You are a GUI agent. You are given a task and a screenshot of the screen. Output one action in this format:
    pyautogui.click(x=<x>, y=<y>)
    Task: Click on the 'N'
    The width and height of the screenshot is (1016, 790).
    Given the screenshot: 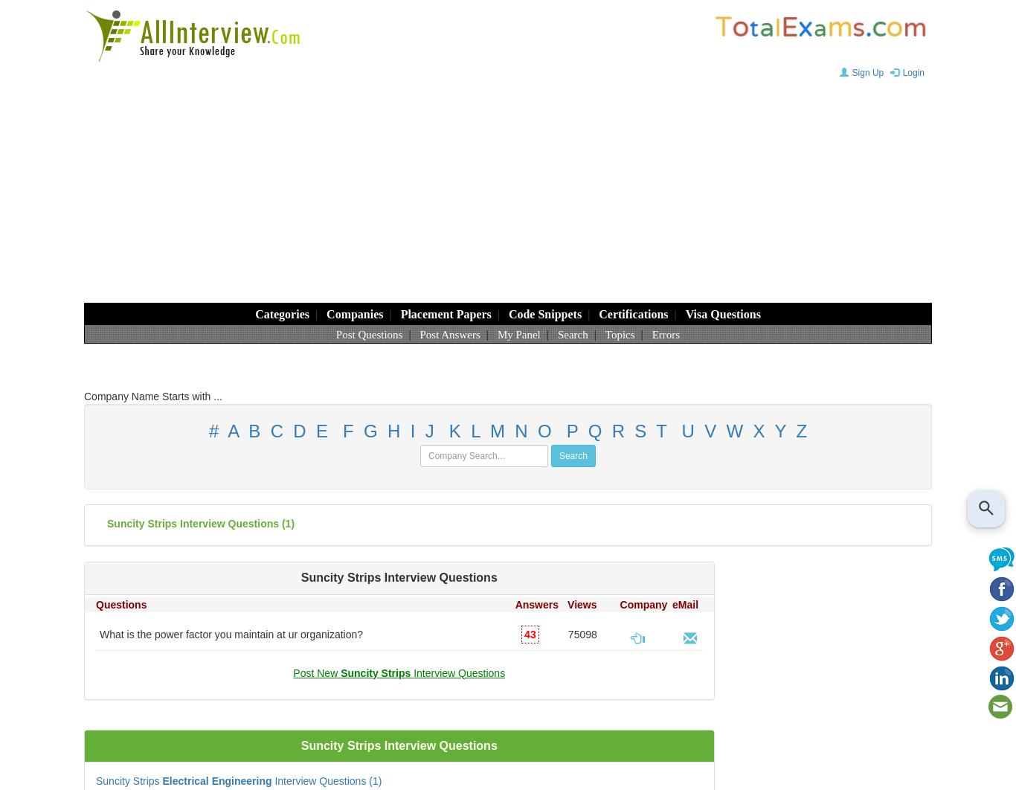 What is the action you would take?
    pyautogui.click(x=515, y=431)
    